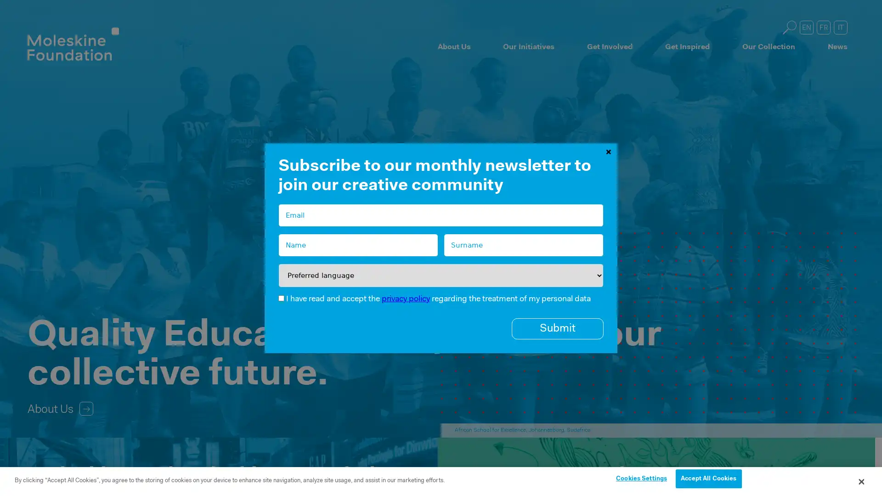  Describe the element at coordinates (608, 151) in the screenshot. I see `Close` at that location.